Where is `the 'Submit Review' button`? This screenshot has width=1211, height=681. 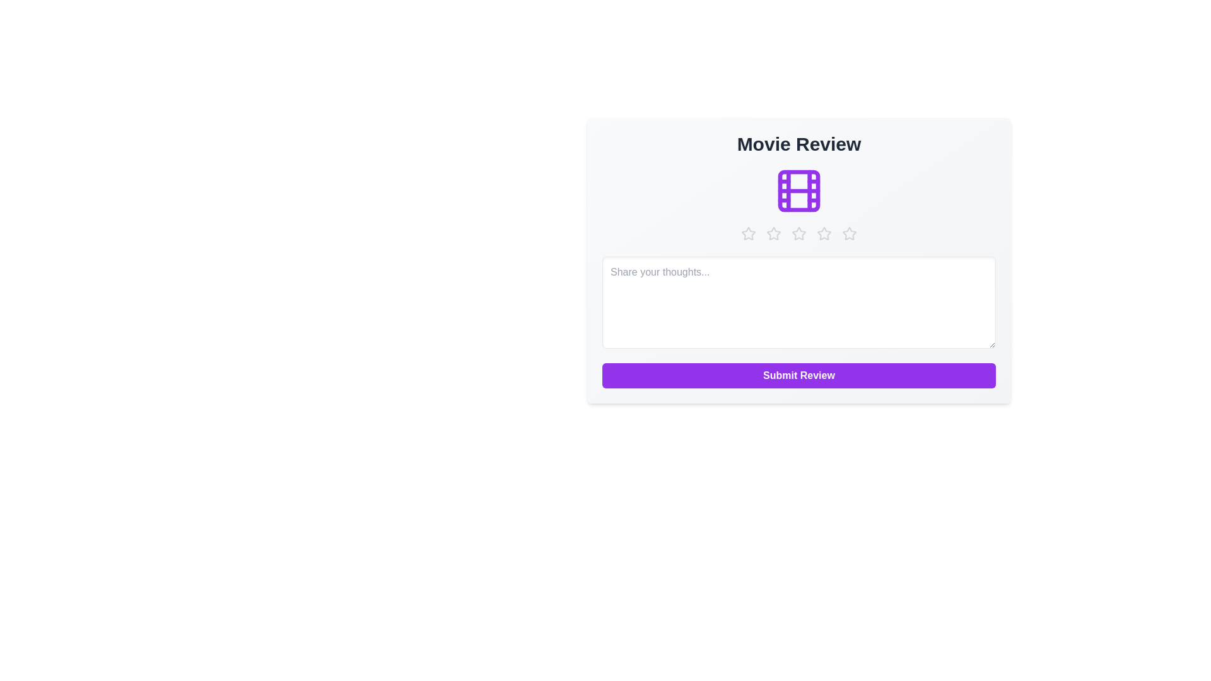
the 'Submit Review' button is located at coordinates (799, 375).